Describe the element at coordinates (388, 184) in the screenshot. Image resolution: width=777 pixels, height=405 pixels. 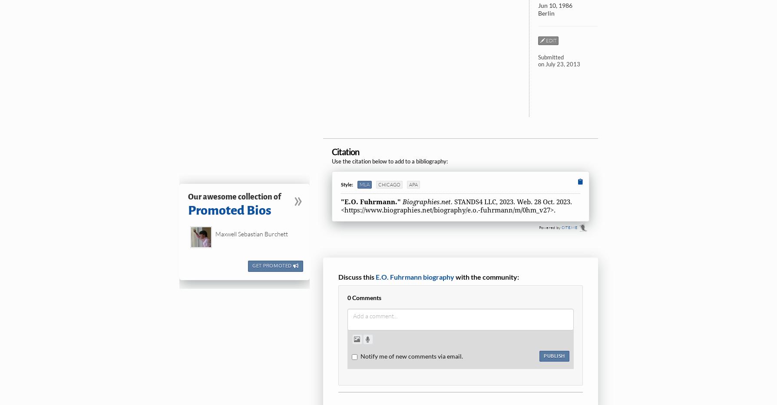
I see `'Chicago'` at that location.